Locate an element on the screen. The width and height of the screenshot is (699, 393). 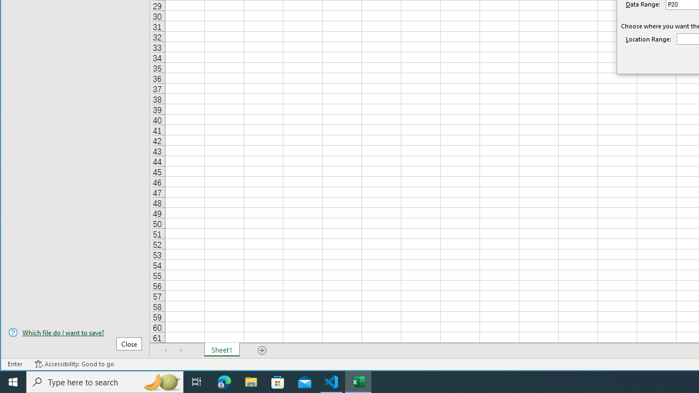
'Which file do I want to save?' is located at coordinates (74, 332).